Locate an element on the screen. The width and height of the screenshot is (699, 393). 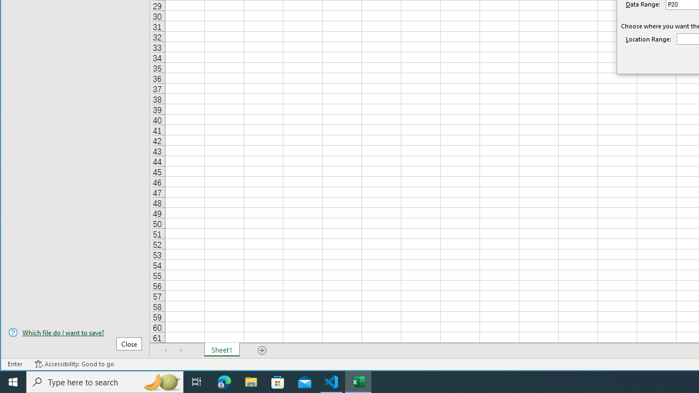
'Which file do I want to save?' is located at coordinates (74, 332).